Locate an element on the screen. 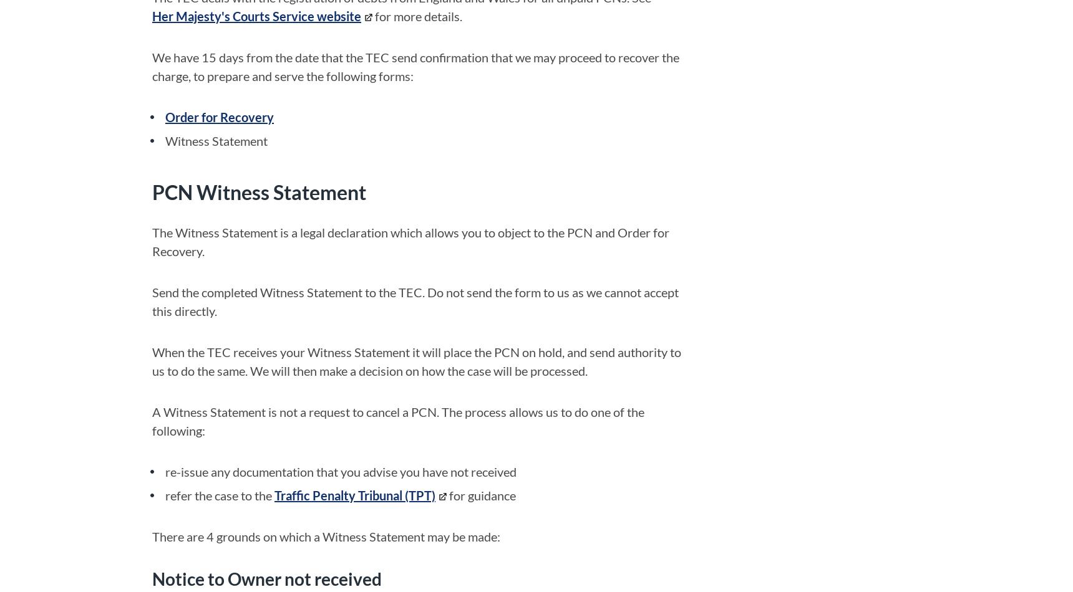 The width and height of the screenshot is (1073, 592). 'refer the case to the' is located at coordinates (219, 494).